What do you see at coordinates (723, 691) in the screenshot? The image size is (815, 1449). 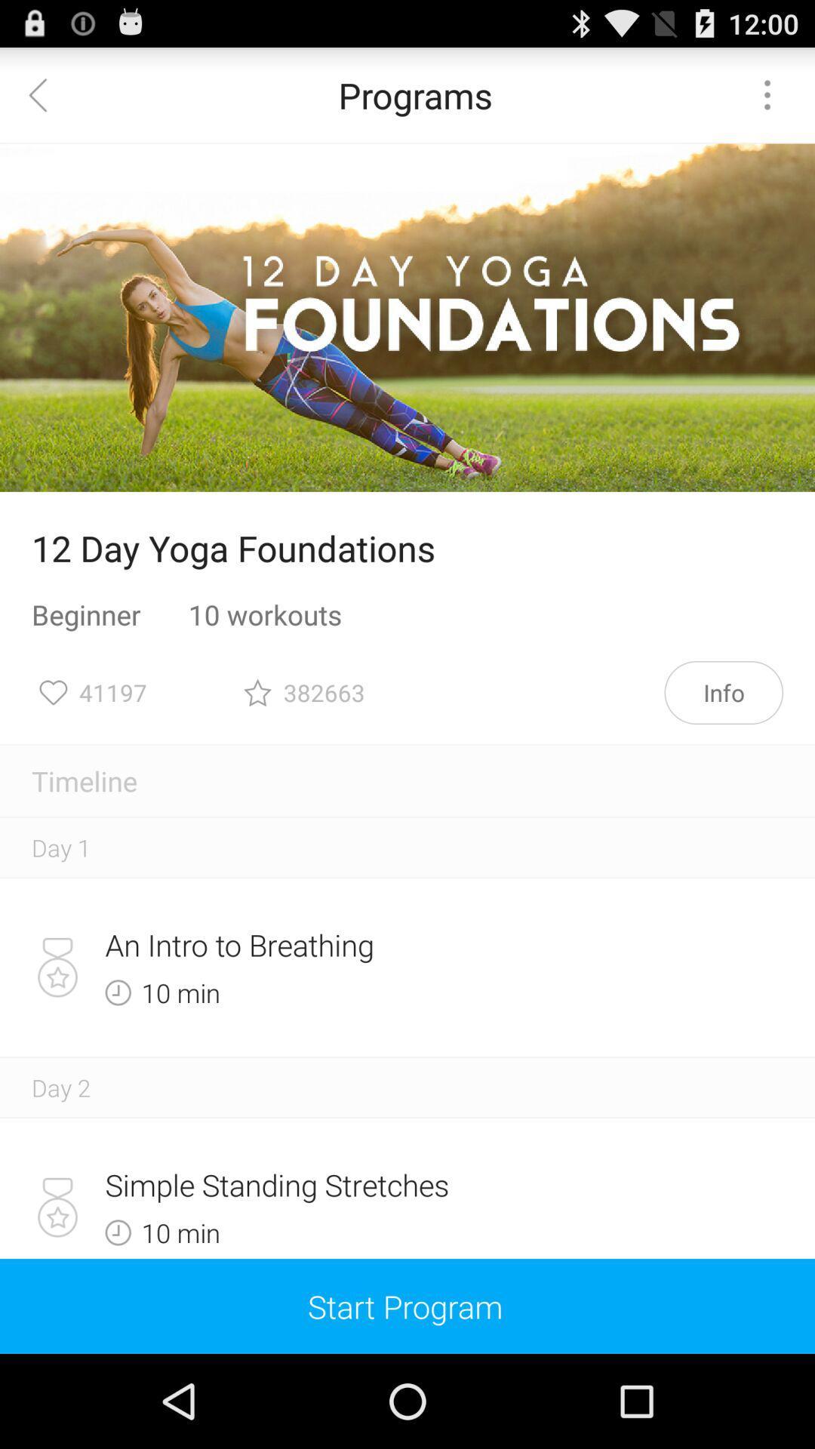 I see `the icon next to the 382663` at bounding box center [723, 691].